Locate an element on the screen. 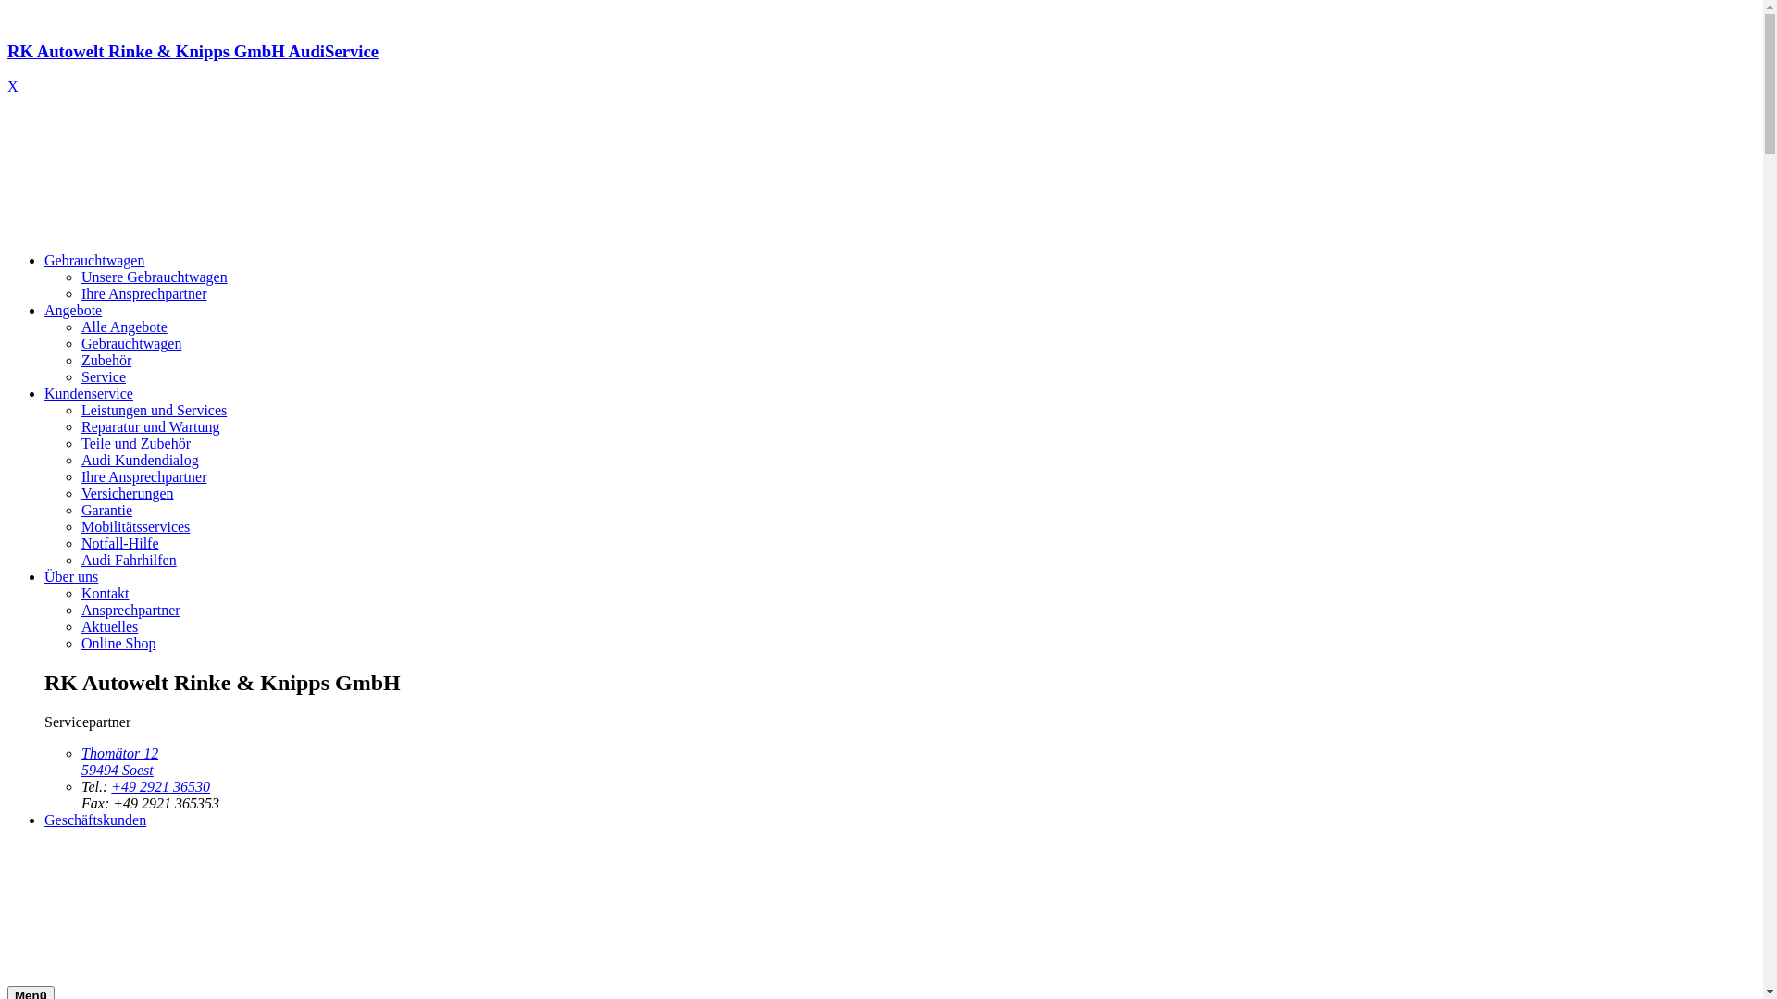 The width and height of the screenshot is (1777, 999). 'Unsere Gebrauchtwagen' is located at coordinates (155, 277).